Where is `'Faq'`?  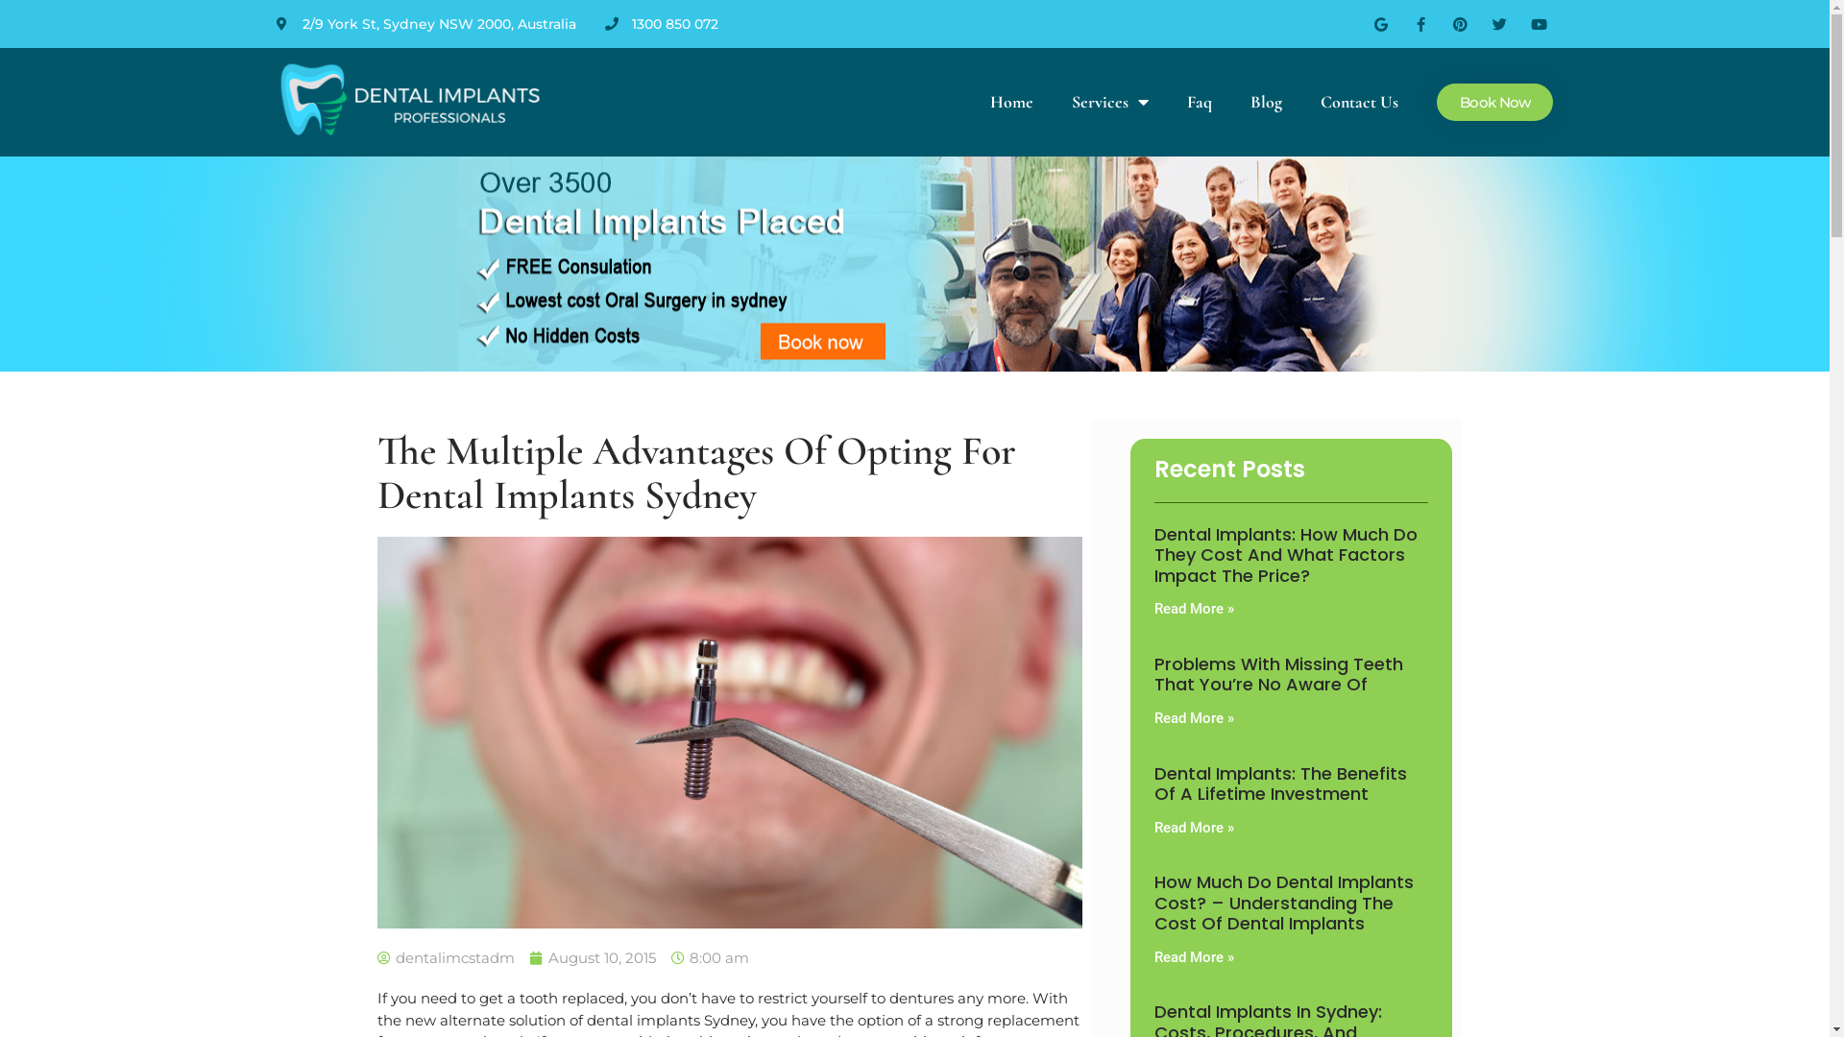
'Faq' is located at coordinates (1198, 101).